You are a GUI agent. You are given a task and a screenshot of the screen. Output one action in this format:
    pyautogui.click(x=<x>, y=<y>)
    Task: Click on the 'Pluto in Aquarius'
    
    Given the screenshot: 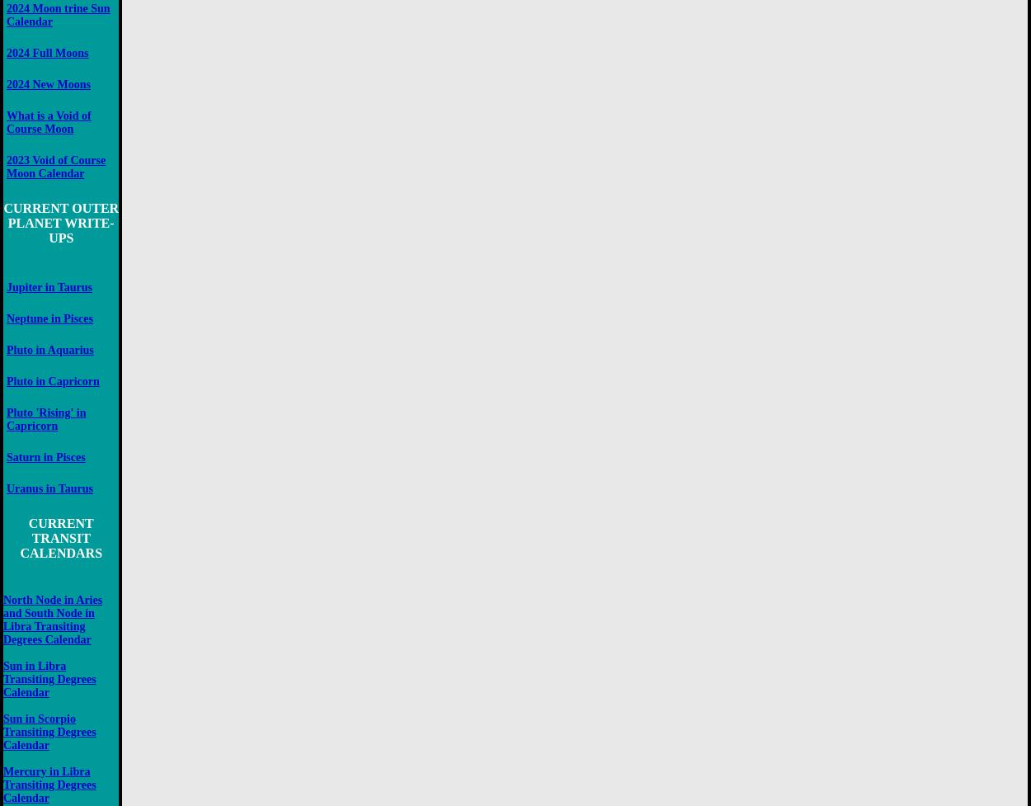 What is the action you would take?
    pyautogui.click(x=49, y=350)
    